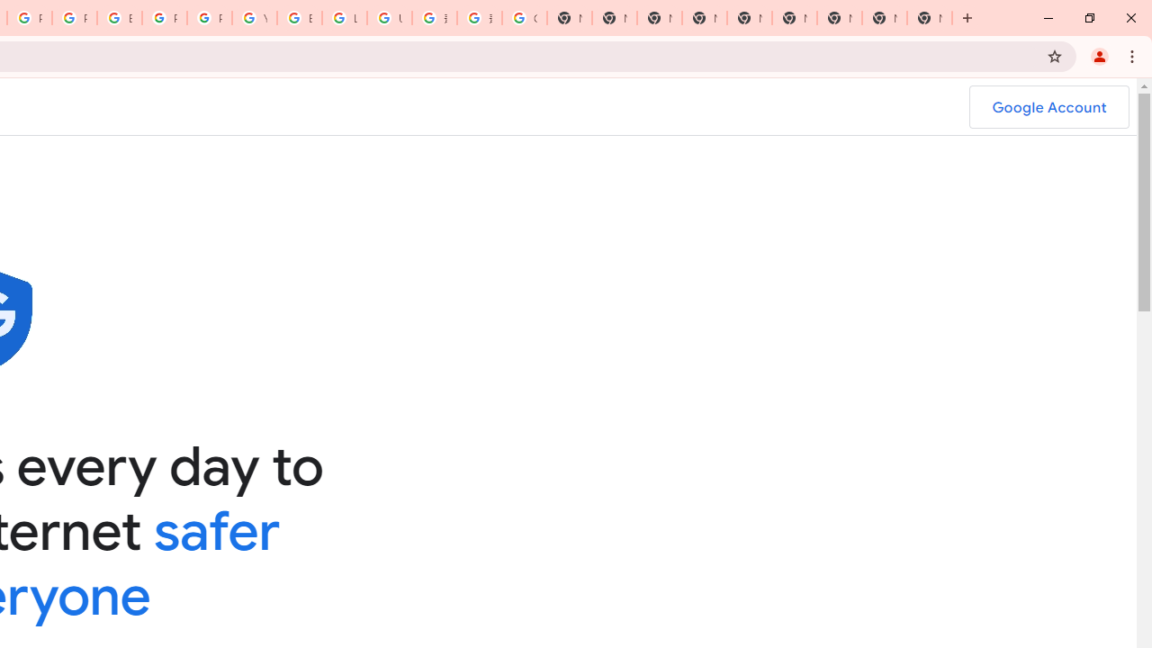  What do you see at coordinates (929, 18) in the screenshot?
I see `'New Tab'` at bounding box center [929, 18].